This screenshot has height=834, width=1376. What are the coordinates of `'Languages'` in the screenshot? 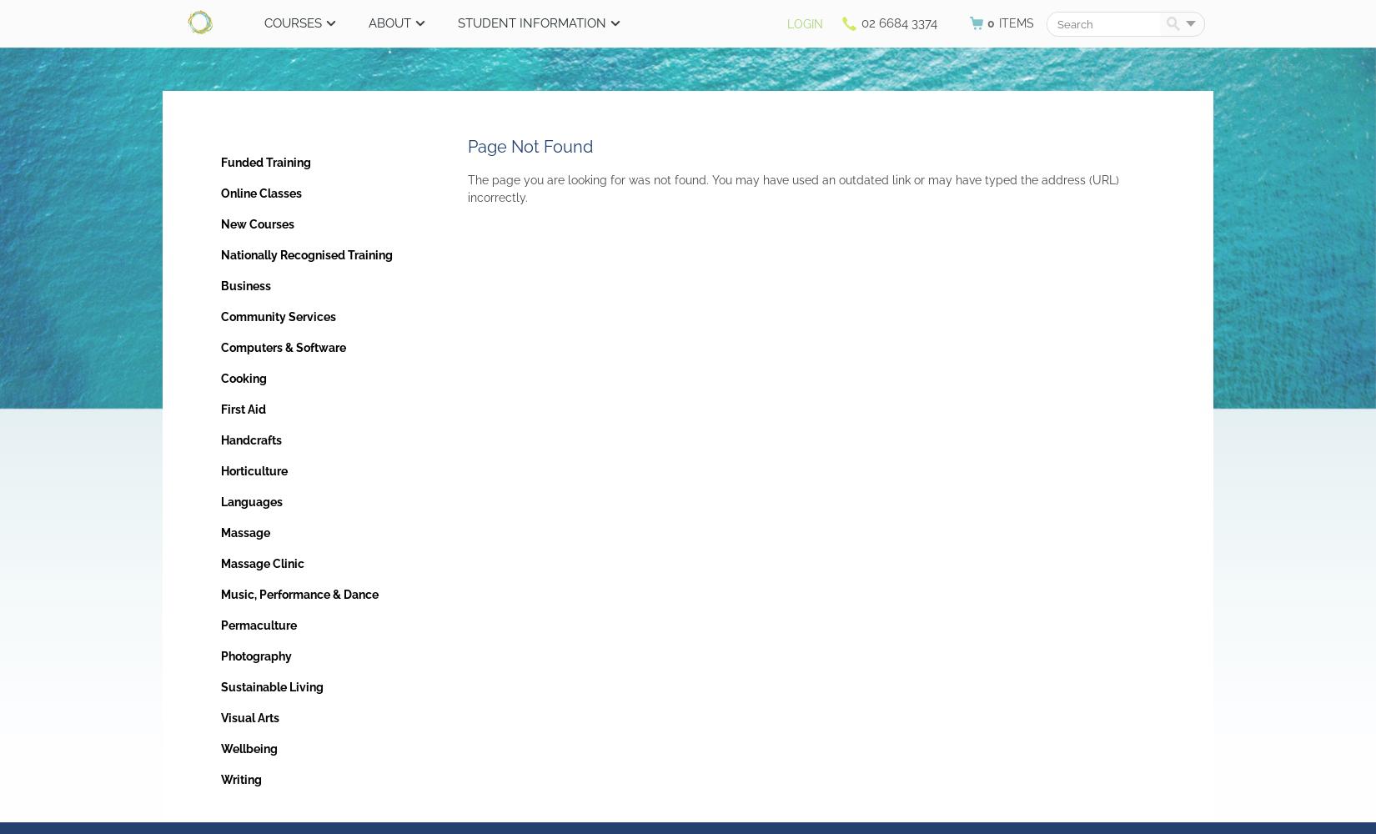 It's located at (220, 501).